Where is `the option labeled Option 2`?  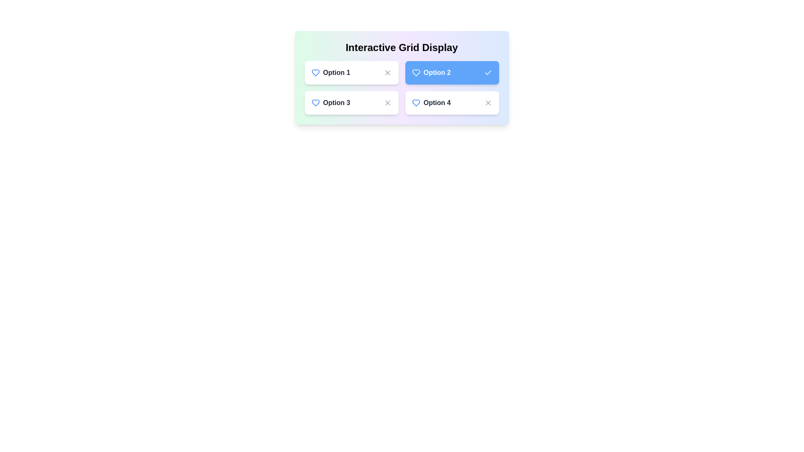 the option labeled Option 2 is located at coordinates (451, 72).